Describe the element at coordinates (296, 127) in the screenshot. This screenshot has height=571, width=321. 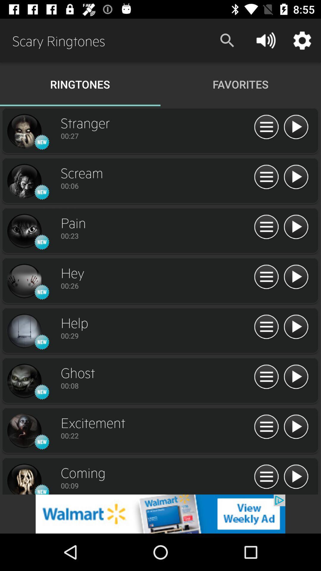
I see `song` at that location.